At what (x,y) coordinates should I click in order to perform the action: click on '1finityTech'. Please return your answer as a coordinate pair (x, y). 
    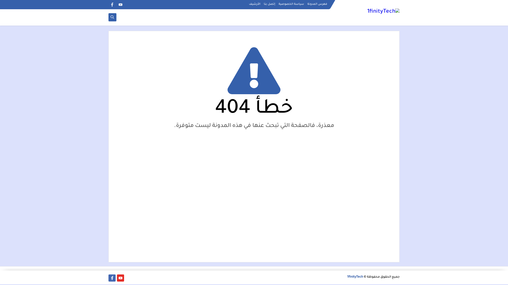
    Looking at the image, I should click on (355, 277).